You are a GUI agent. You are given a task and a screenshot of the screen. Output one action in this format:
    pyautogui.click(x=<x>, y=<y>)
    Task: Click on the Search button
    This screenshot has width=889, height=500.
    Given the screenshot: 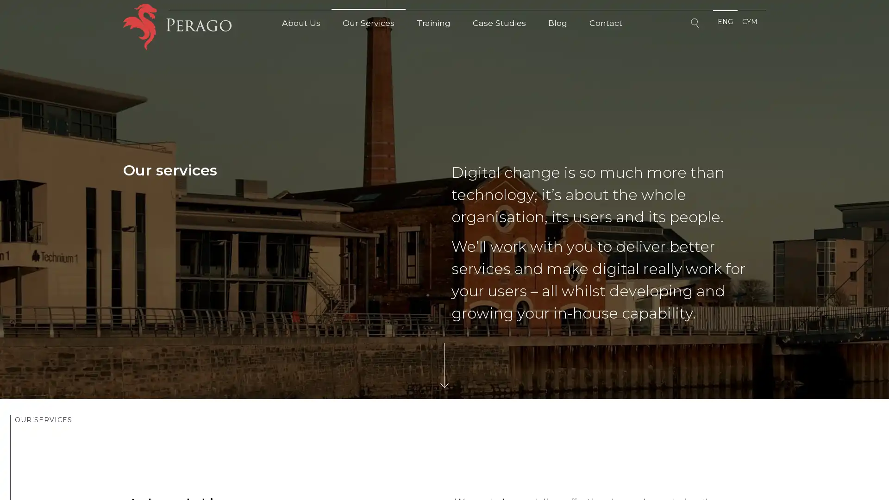 What is the action you would take?
    pyautogui.click(x=696, y=25)
    